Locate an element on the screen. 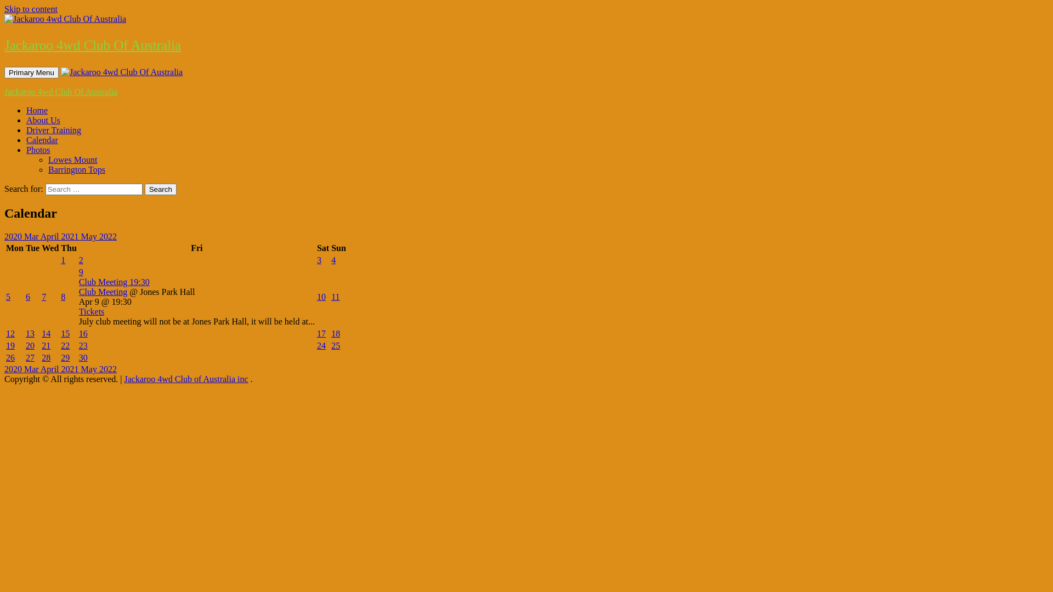 The height and width of the screenshot is (592, 1053). 'Home' is located at coordinates (37, 110).